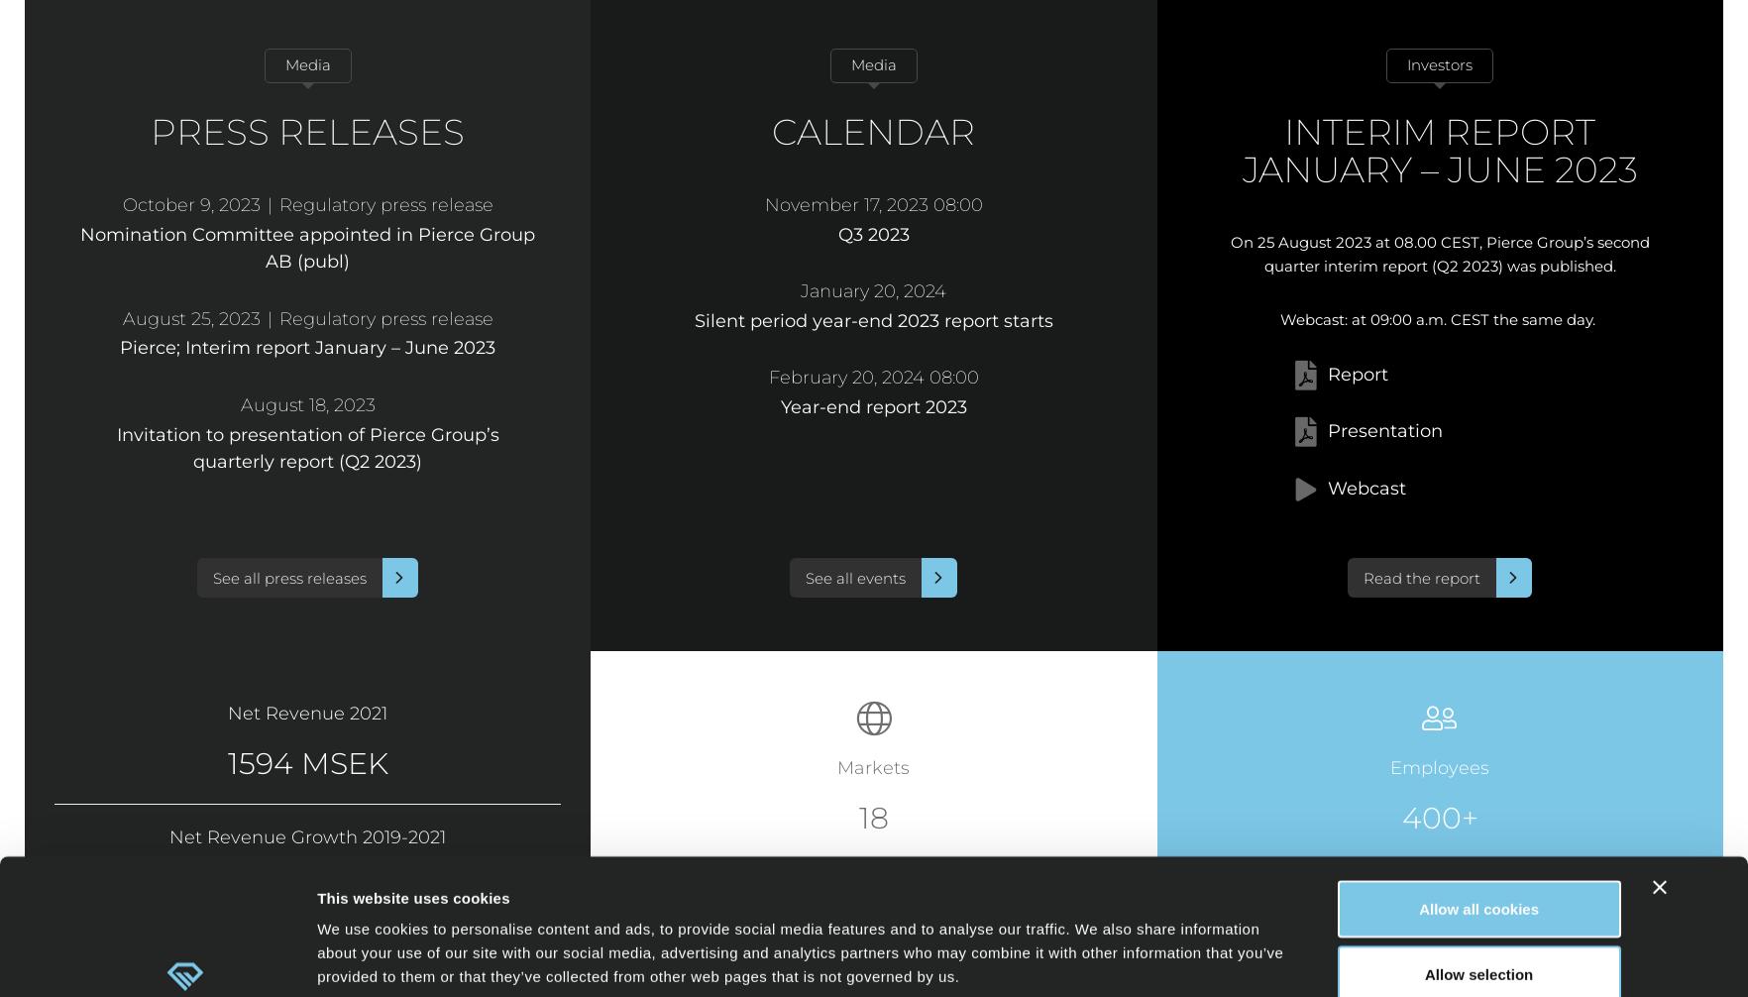 This screenshot has height=997, width=1748. Describe the element at coordinates (872, 205) in the screenshot. I see `'November 17, 2023 08:00'` at that location.